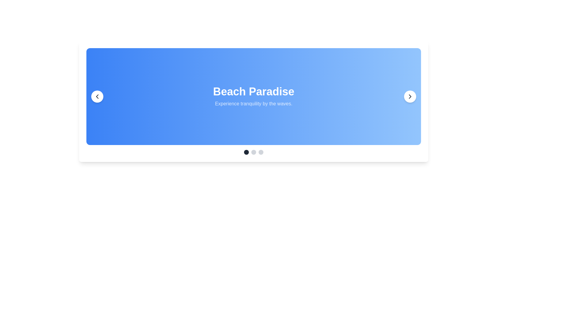  I want to click on the third Circle indicator, so click(261, 152).